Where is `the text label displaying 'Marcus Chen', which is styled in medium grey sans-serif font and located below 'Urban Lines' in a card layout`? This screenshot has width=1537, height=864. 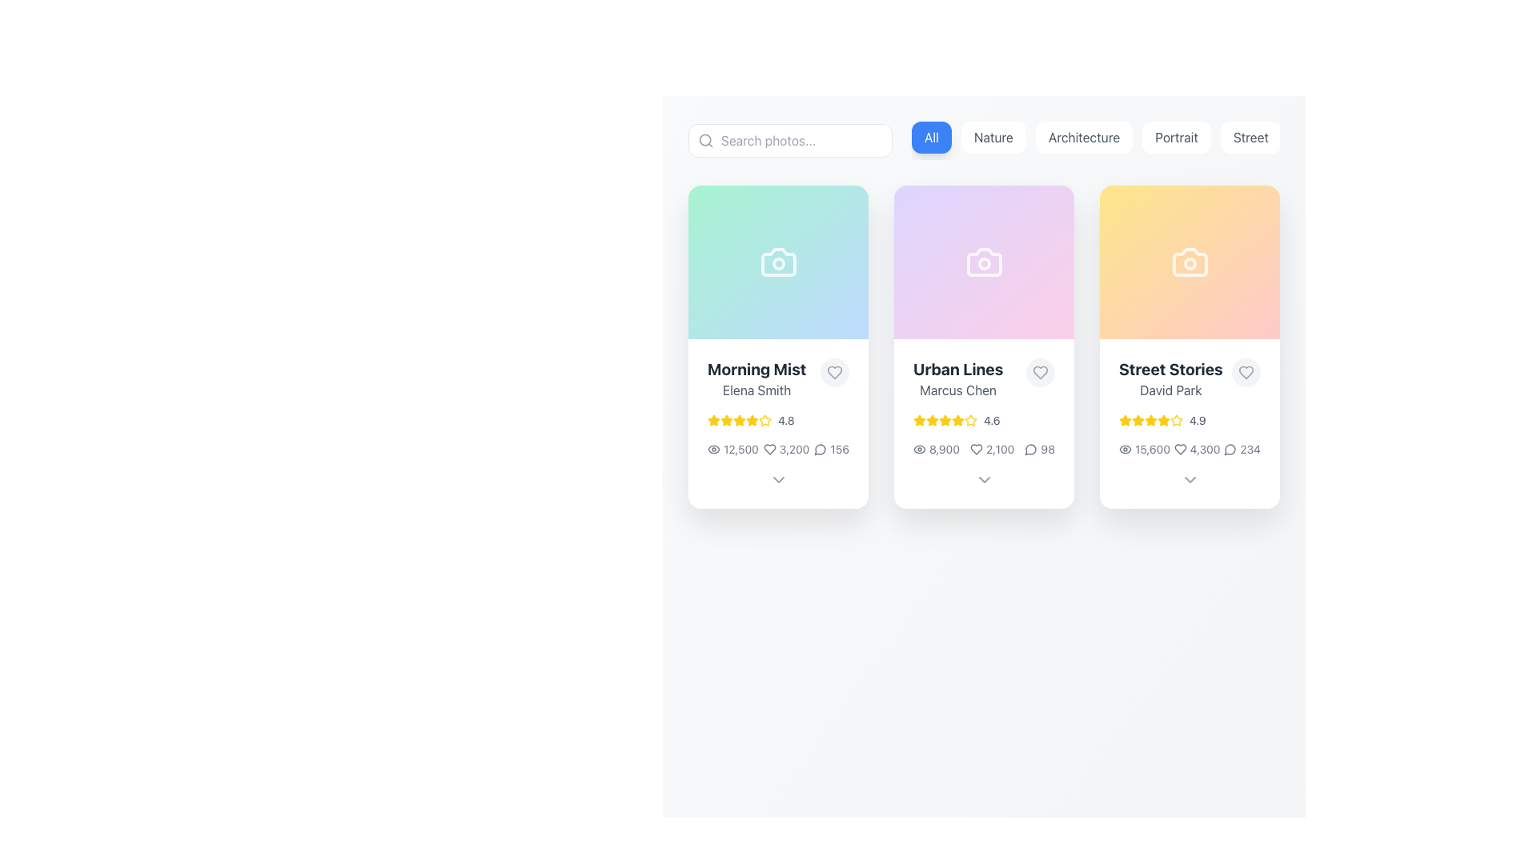 the text label displaying 'Marcus Chen', which is styled in medium grey sans-serif font and located below 'Urban Lines' in a card layout is located at coordinates (958, 390).